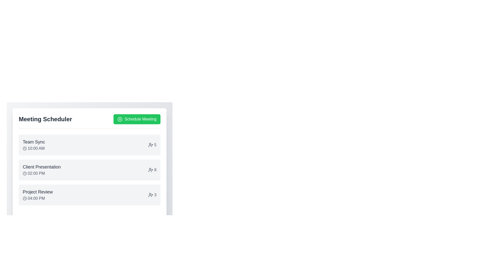  Describe the element at coordinates (89, 169) in the screenshot. I see `the scheduled meeting card titled 'Client Presentation' which is the second card in the list of meeting cards` at that location.